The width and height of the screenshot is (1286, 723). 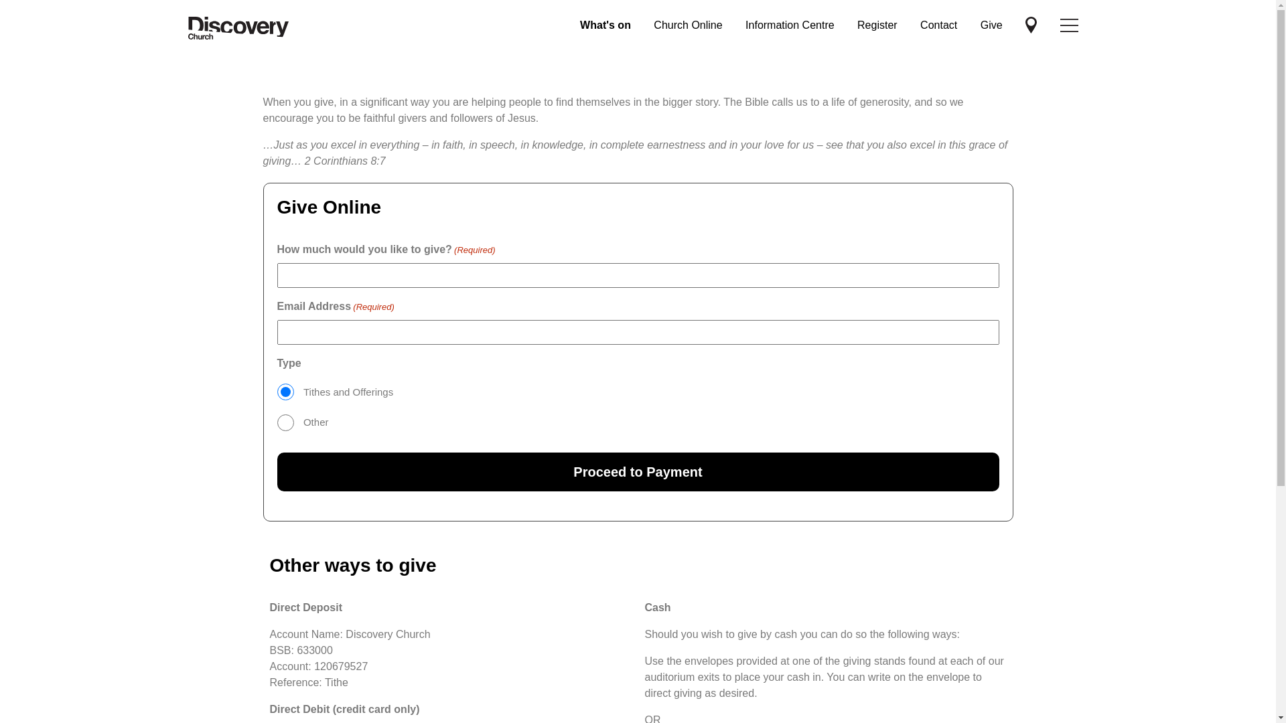 I want to click on 'Discovery Church', so click(x=1030, y=25).